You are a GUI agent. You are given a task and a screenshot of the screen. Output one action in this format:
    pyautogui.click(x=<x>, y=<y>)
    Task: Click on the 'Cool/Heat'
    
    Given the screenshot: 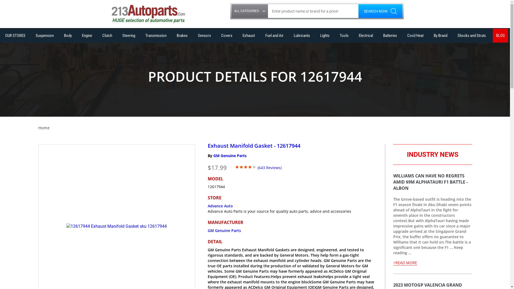 What is the action you would take?
    pyautogui.click(x=415, y=35)
    